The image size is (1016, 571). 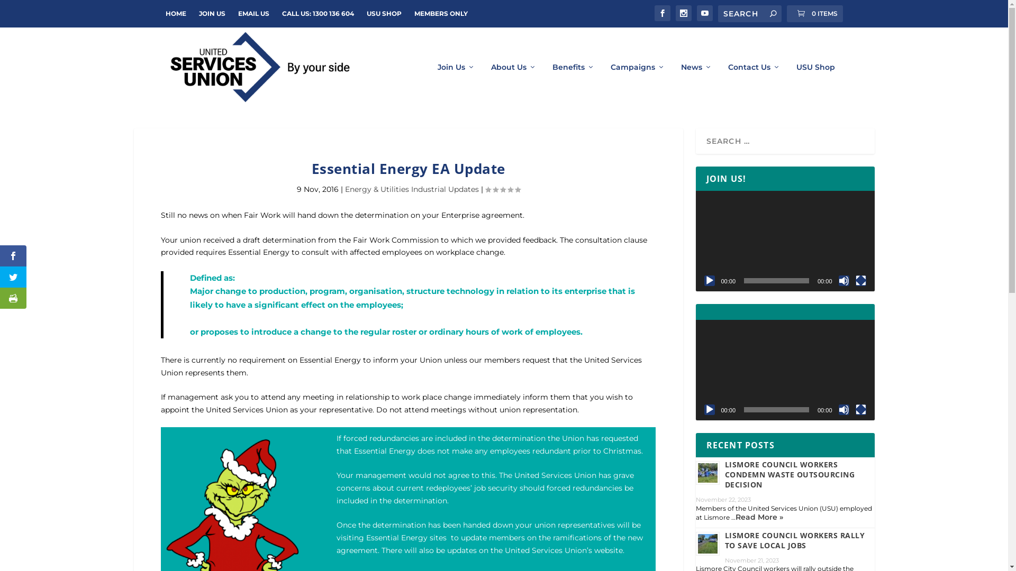 What do you see at coordinates (440, 14) in the screenshot?
I see `'MEMBERS ONLY'` at bounding box center [440, 14].